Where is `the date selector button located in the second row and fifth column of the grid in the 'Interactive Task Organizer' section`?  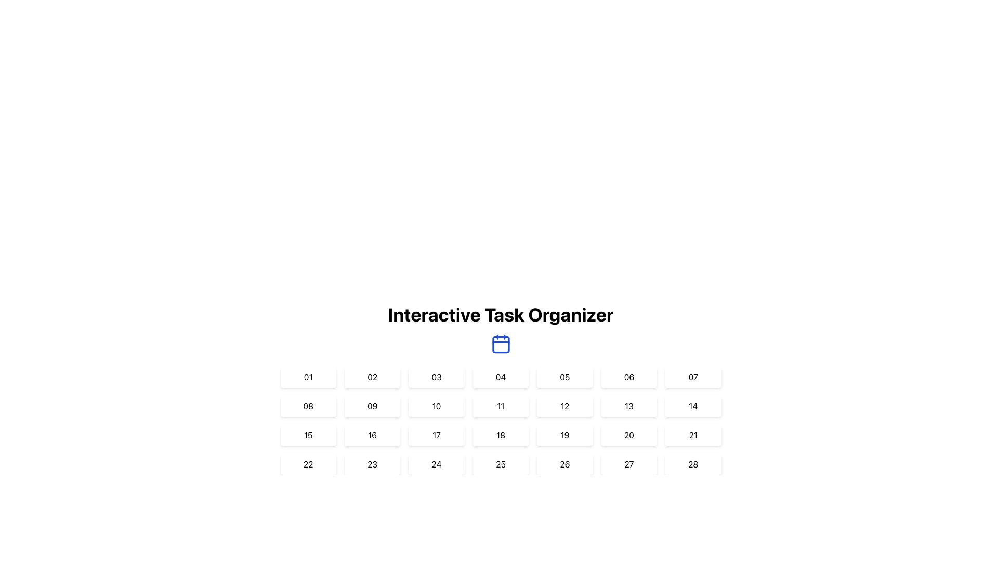 the date selector button located in the second row and fifth column of the grid in the 'Interactive Task Organizer' section is located at coordinates (564, 406).